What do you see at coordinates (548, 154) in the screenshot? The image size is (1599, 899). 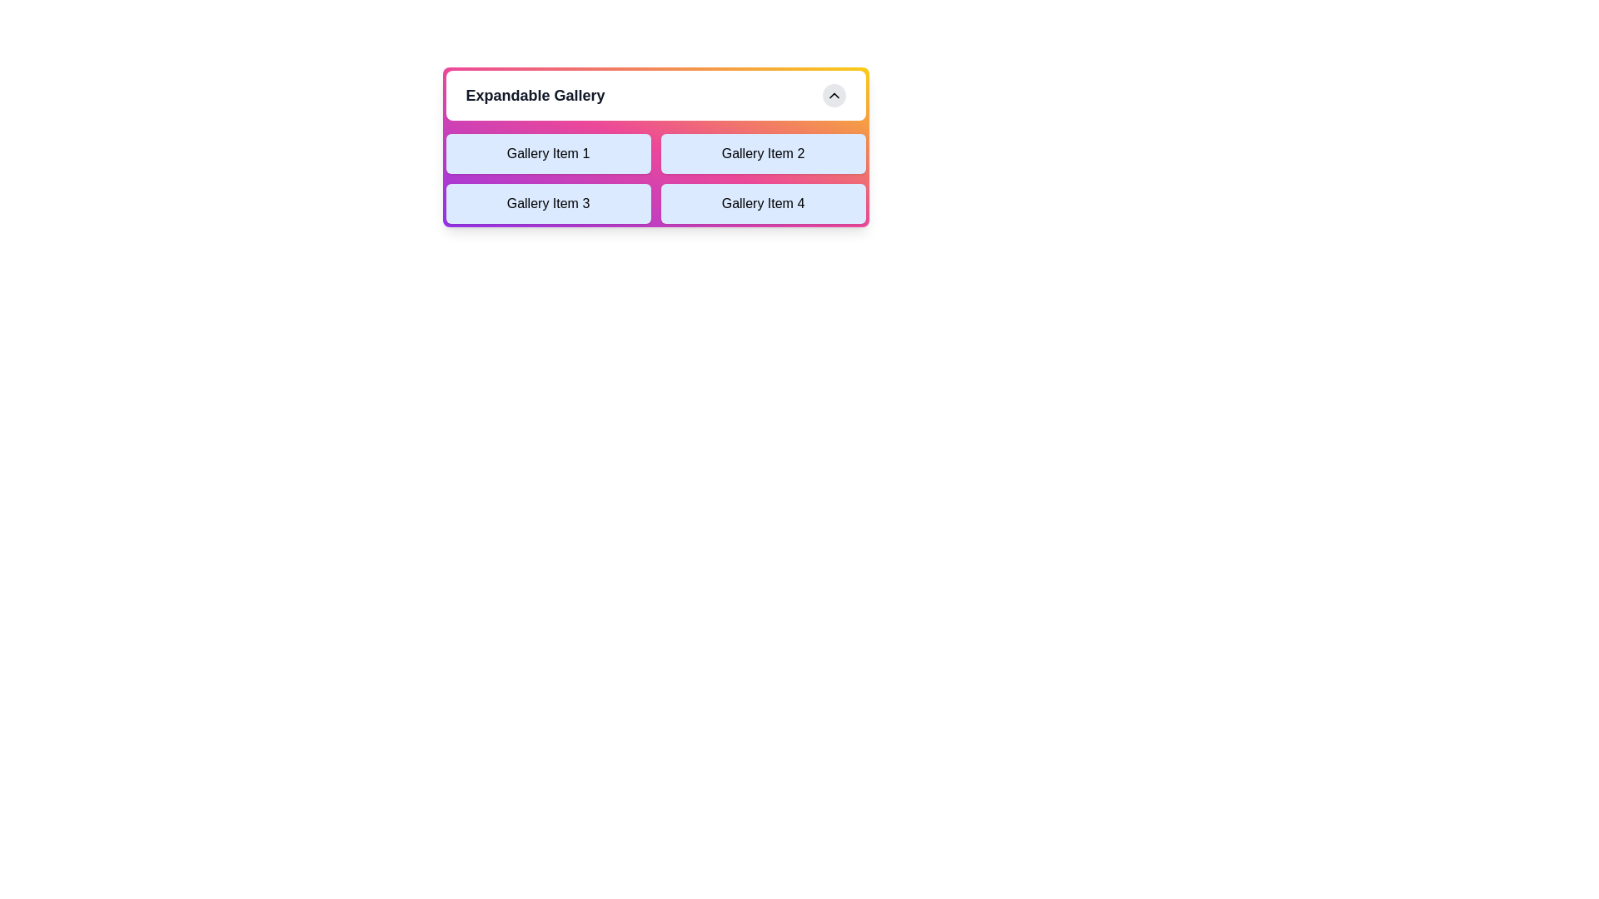 I see `the button that represents 'Gallery Item 1'` at bounding box center [548, 154].